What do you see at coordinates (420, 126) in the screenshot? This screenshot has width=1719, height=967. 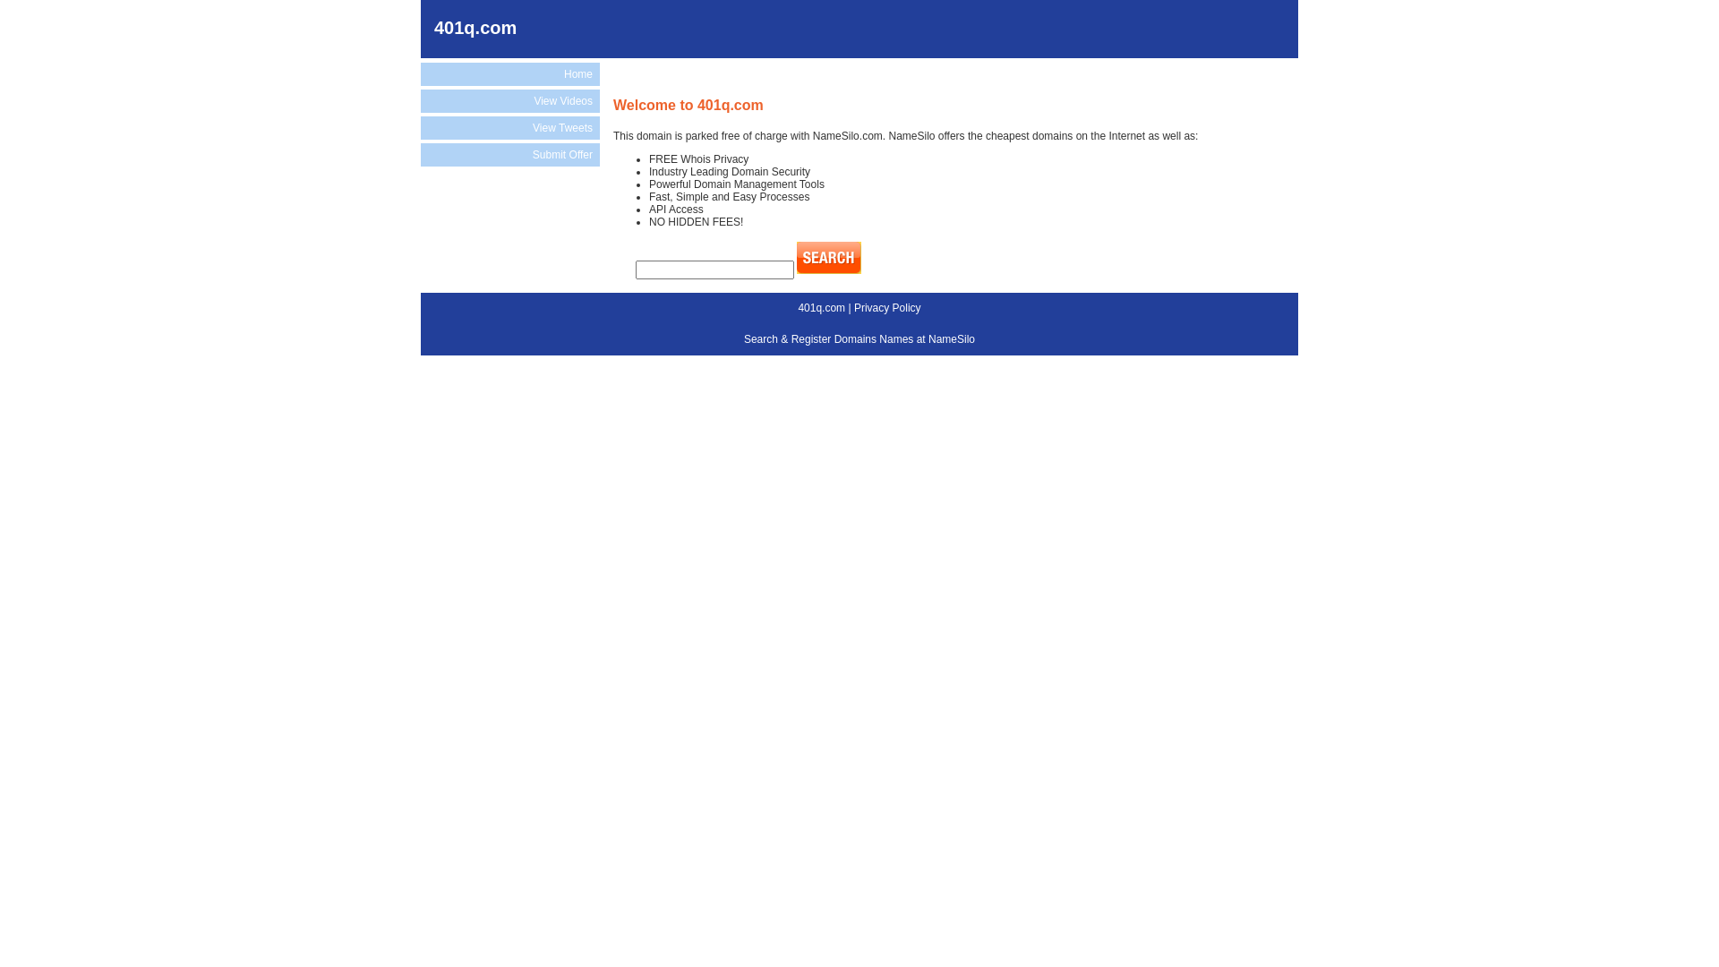 I see `'View Tweets'` at bounding box center [420, 126].